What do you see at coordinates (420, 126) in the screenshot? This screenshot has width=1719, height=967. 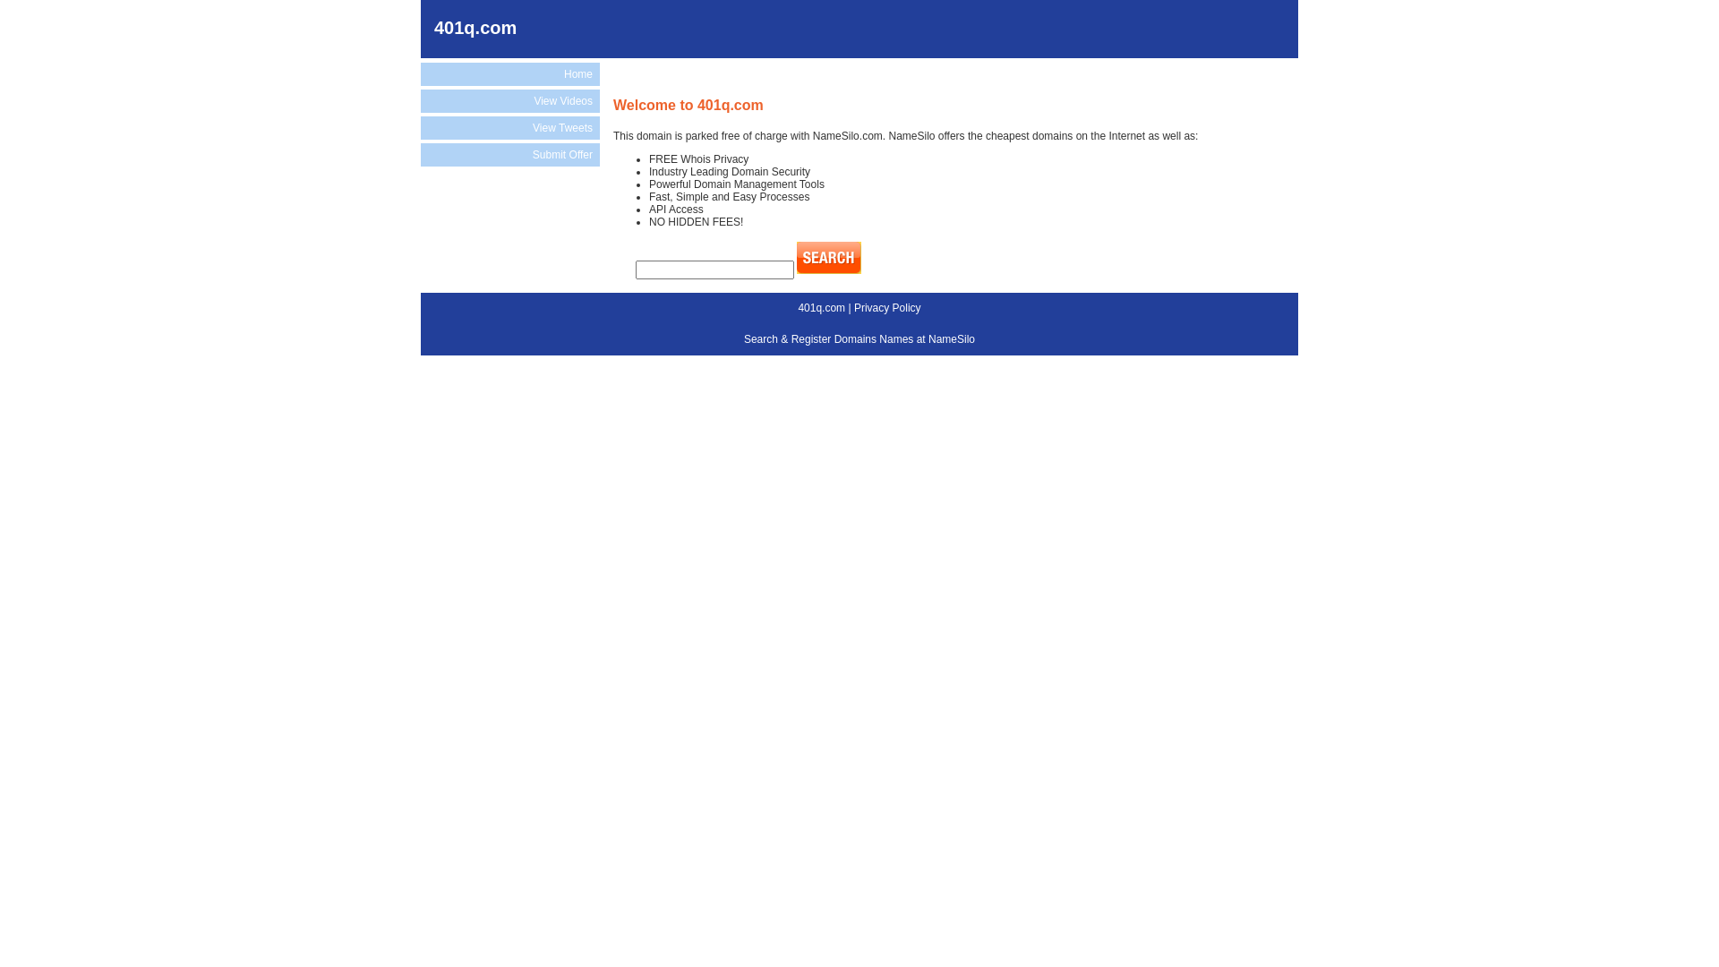 I see `'View Tweets'` at bounding box center [420, 126].